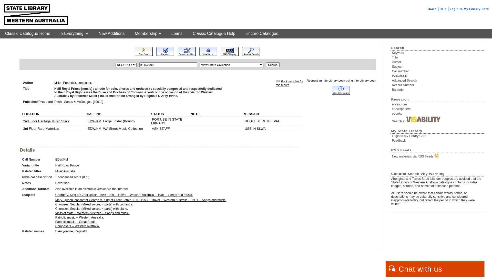 The height and width of the screenshot is (277, 492). What do you see at coordinates (443, 9) in the screenshot?
I see `'Help'` at bounding box center [443, 9].